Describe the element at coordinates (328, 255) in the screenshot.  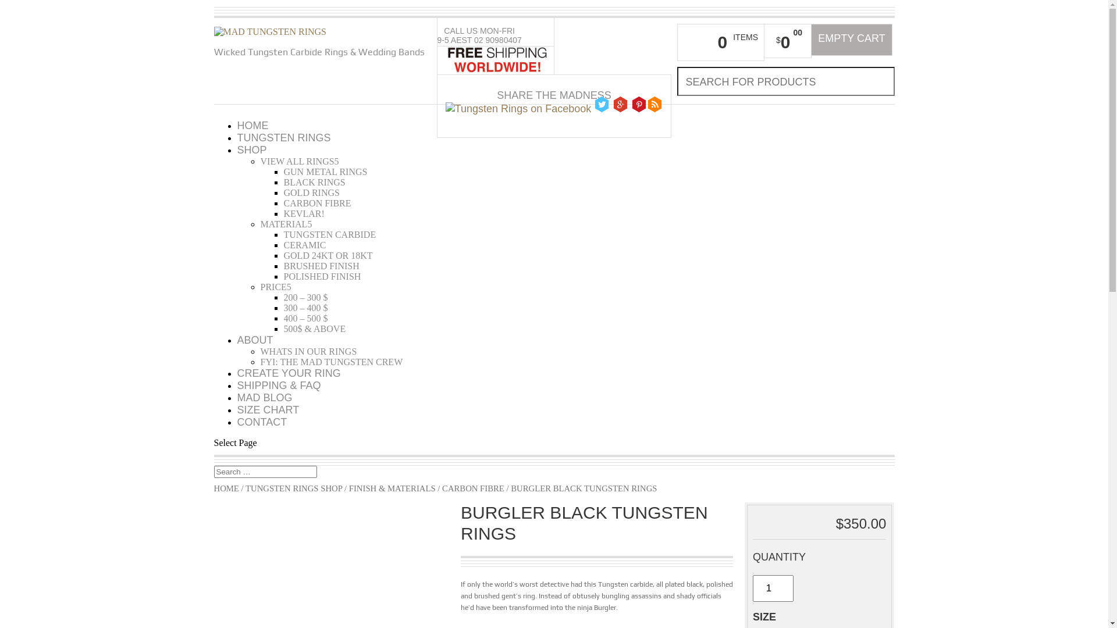
I see `'GOLD 24KT OR 18KT'` at that location.